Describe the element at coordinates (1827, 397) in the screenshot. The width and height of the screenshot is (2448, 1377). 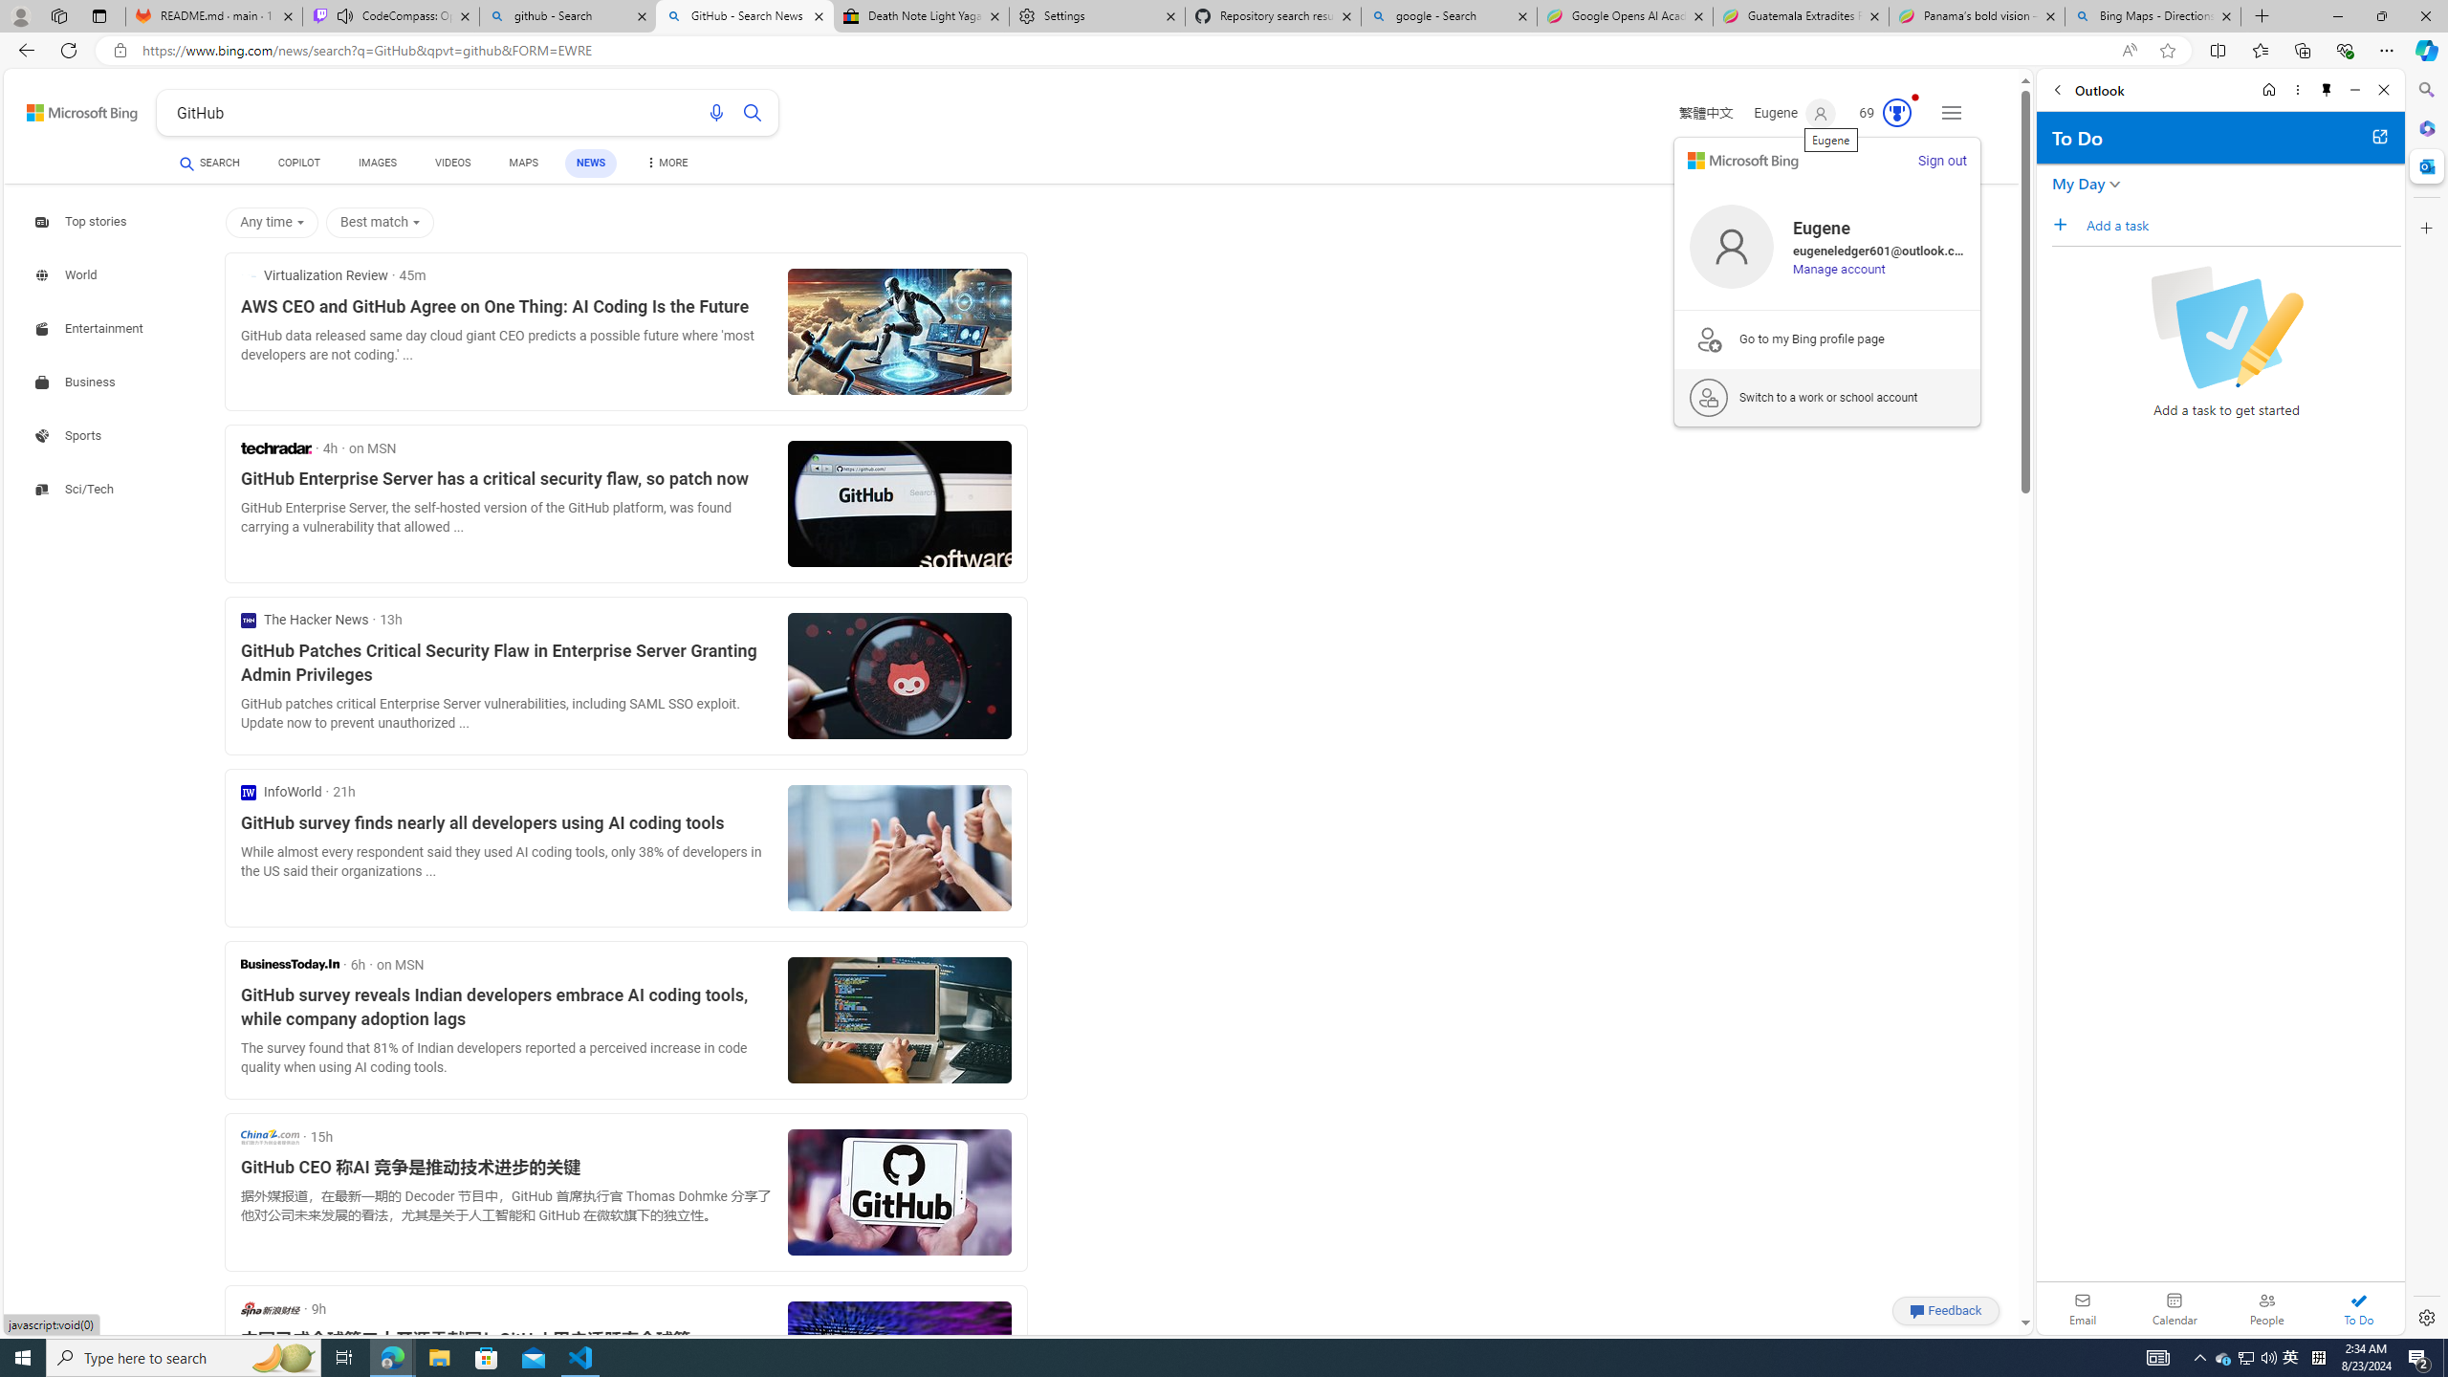
I see `'work signin Switch to a work or school account'` at that location.